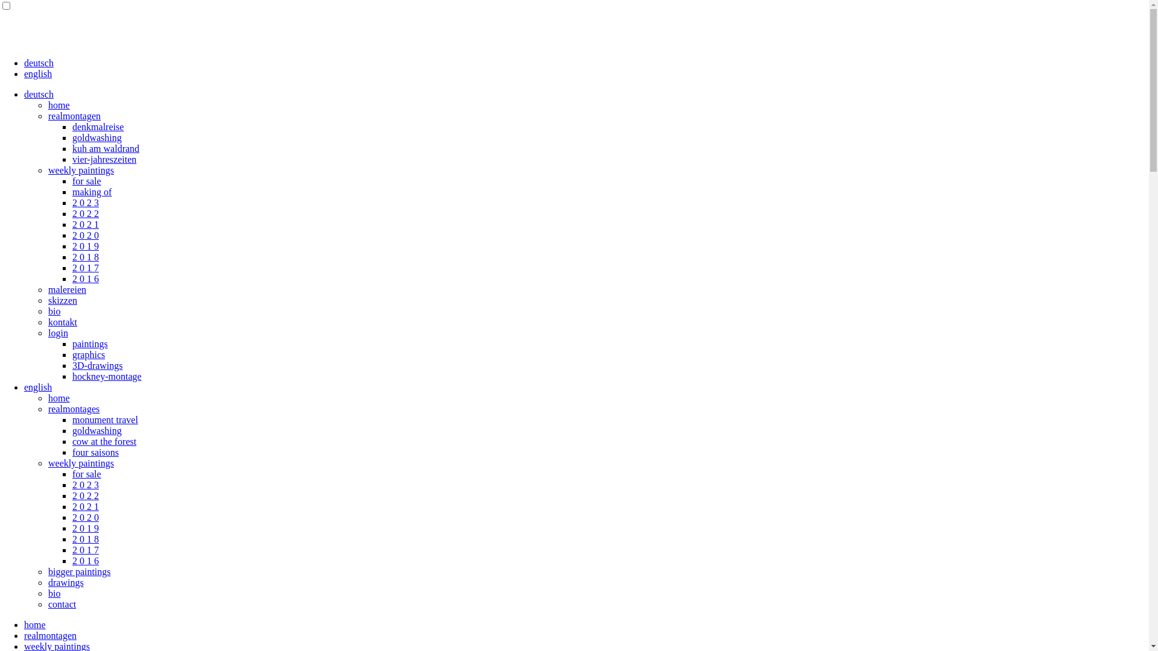 Image resolution: width=1158 pixels, height=651 pixels. What do you see at coordinates (72, 484) in the screenshot?
I see `'2 0 2 3'` at bounding box center [72, 484].